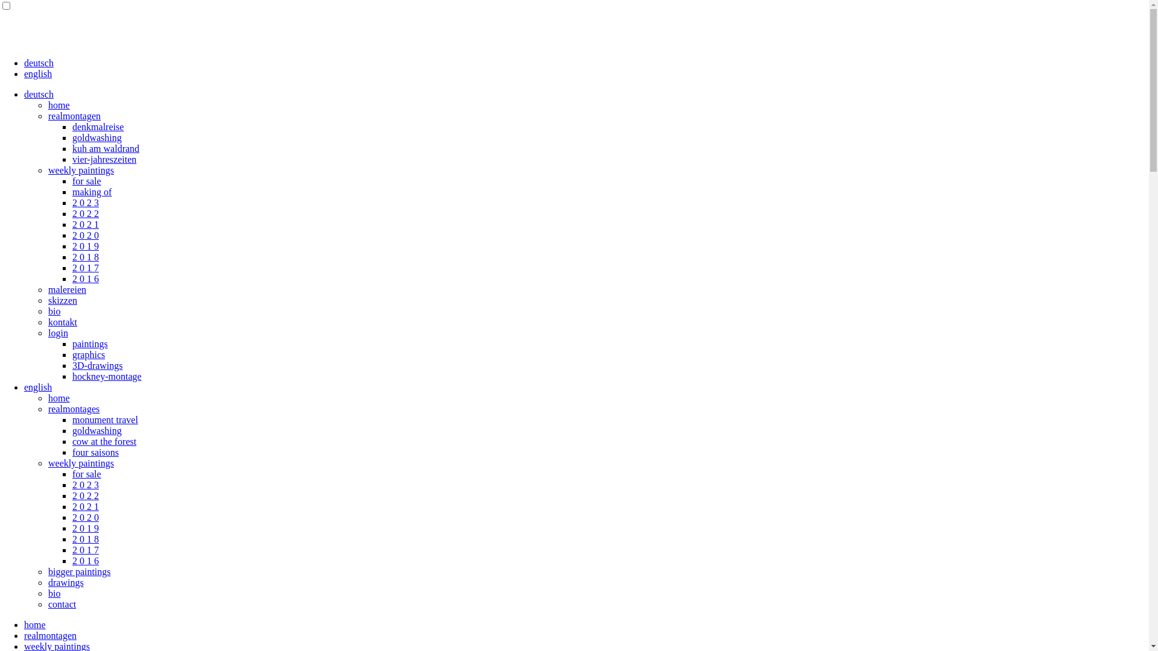 Image resolution: width=1158 pixels, height=651 pixels. What do you see at coordinates (72, 484) in the screenshot?
I see `'2 0 2 3'` at bounding box center [72, 484].